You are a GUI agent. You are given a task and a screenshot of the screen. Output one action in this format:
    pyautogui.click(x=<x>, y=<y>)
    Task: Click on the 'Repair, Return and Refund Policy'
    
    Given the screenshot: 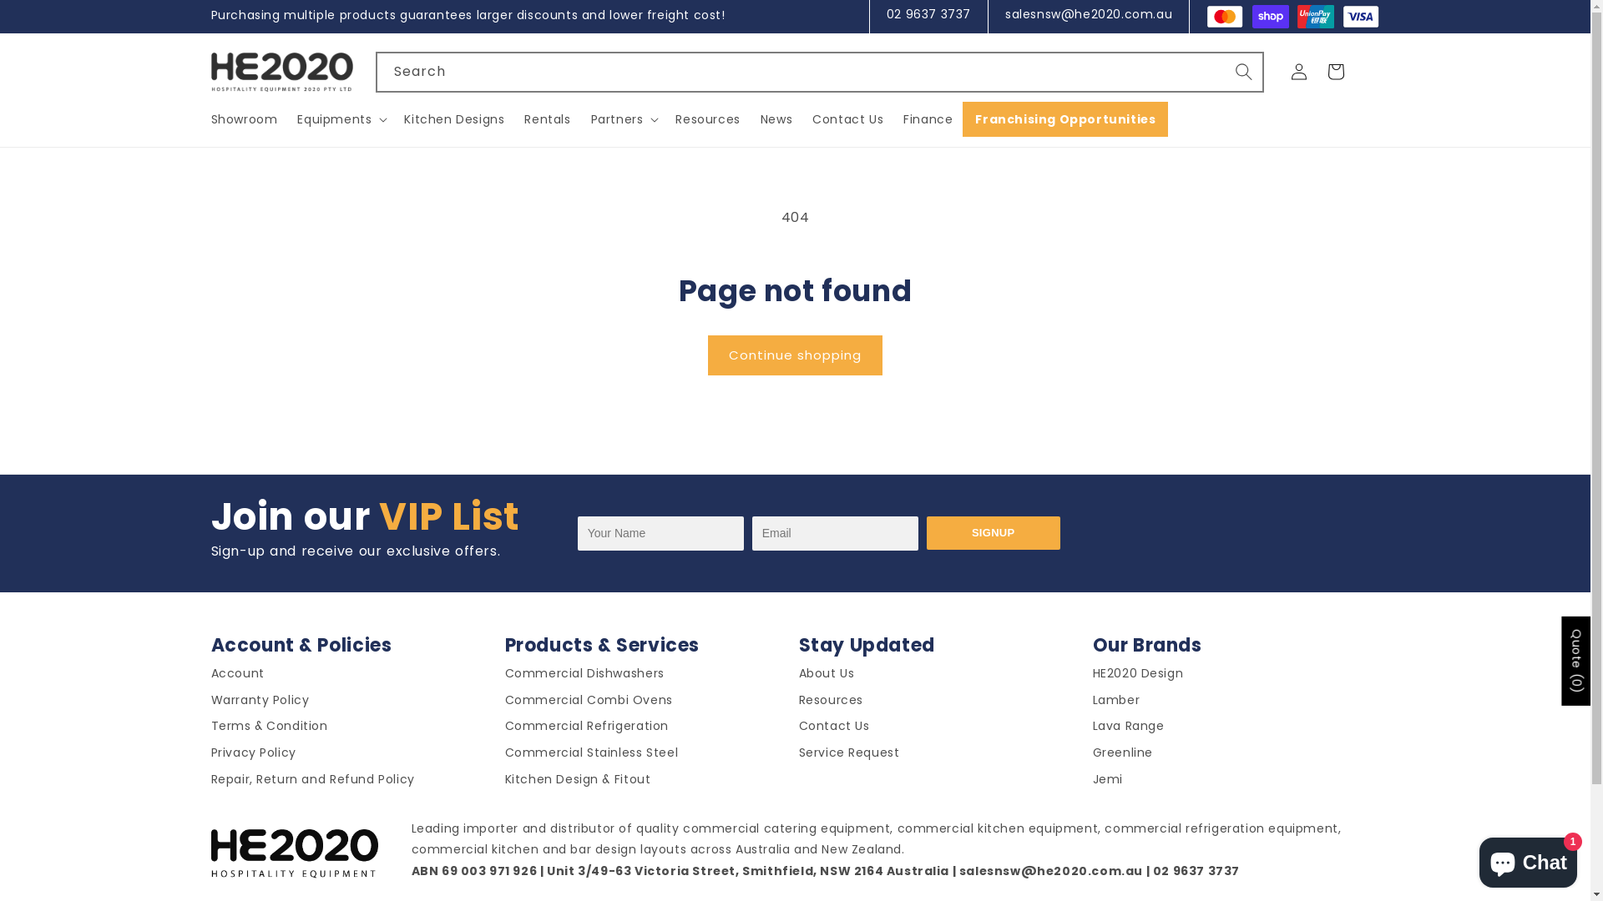 What is the action you would take?
    pyautogui.click(x=312, y=783)
    